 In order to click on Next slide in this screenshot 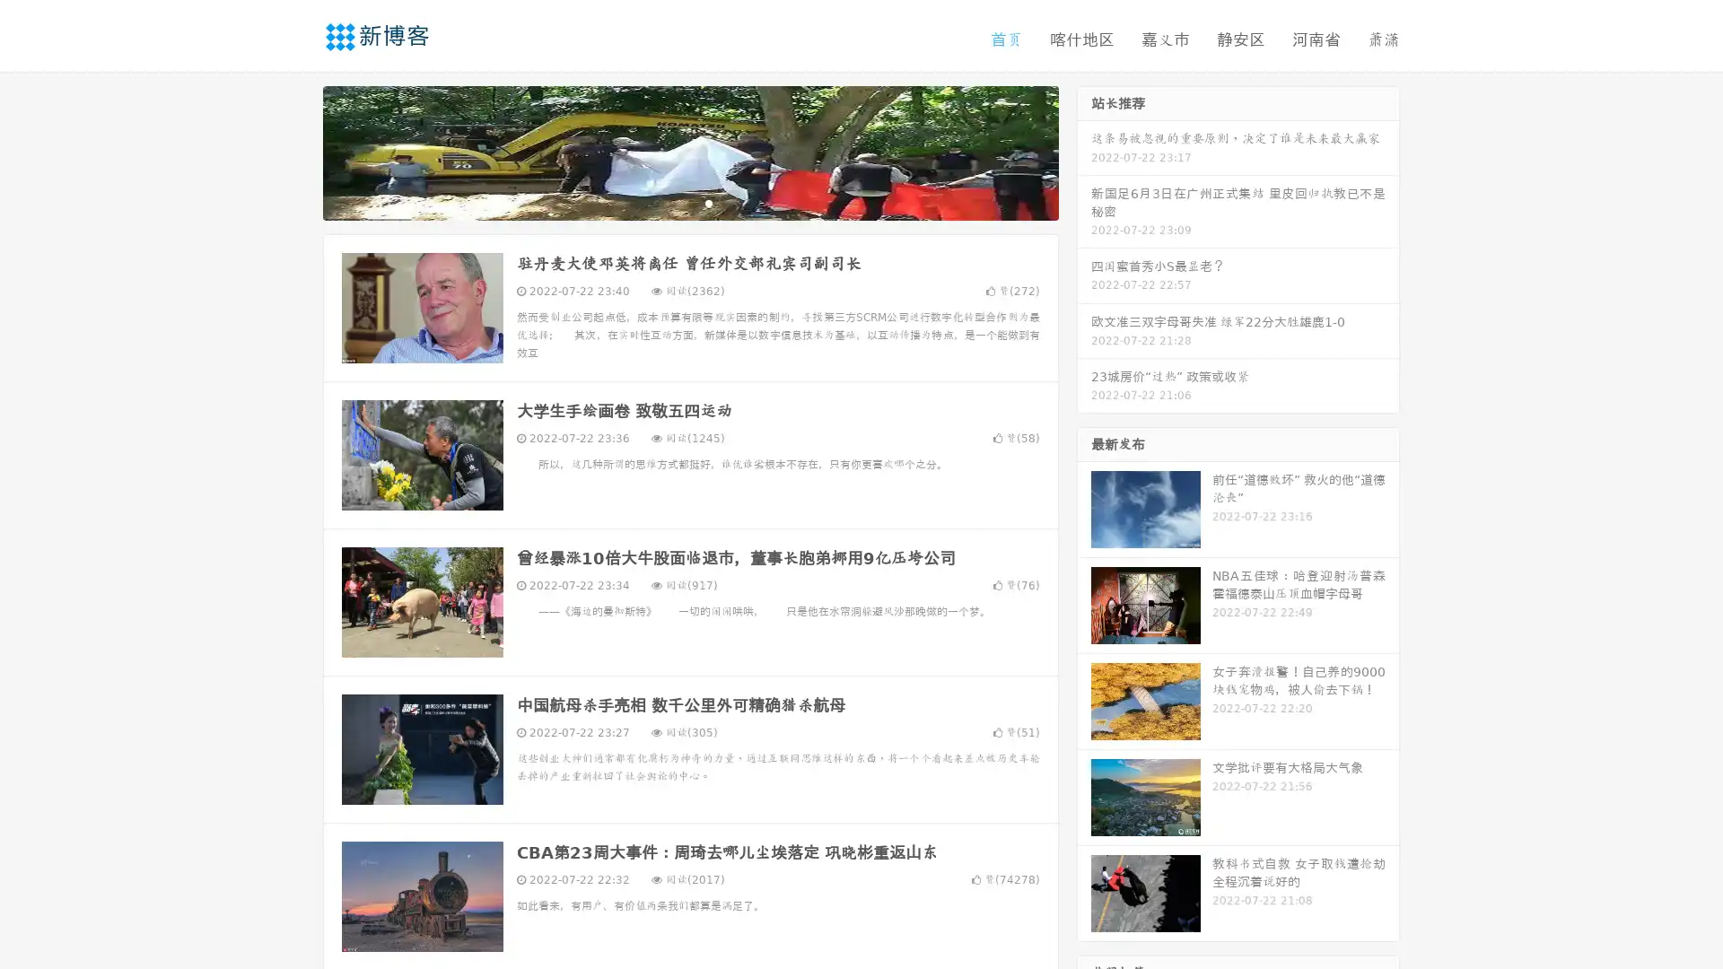, I will do `click(1084, 151)`.